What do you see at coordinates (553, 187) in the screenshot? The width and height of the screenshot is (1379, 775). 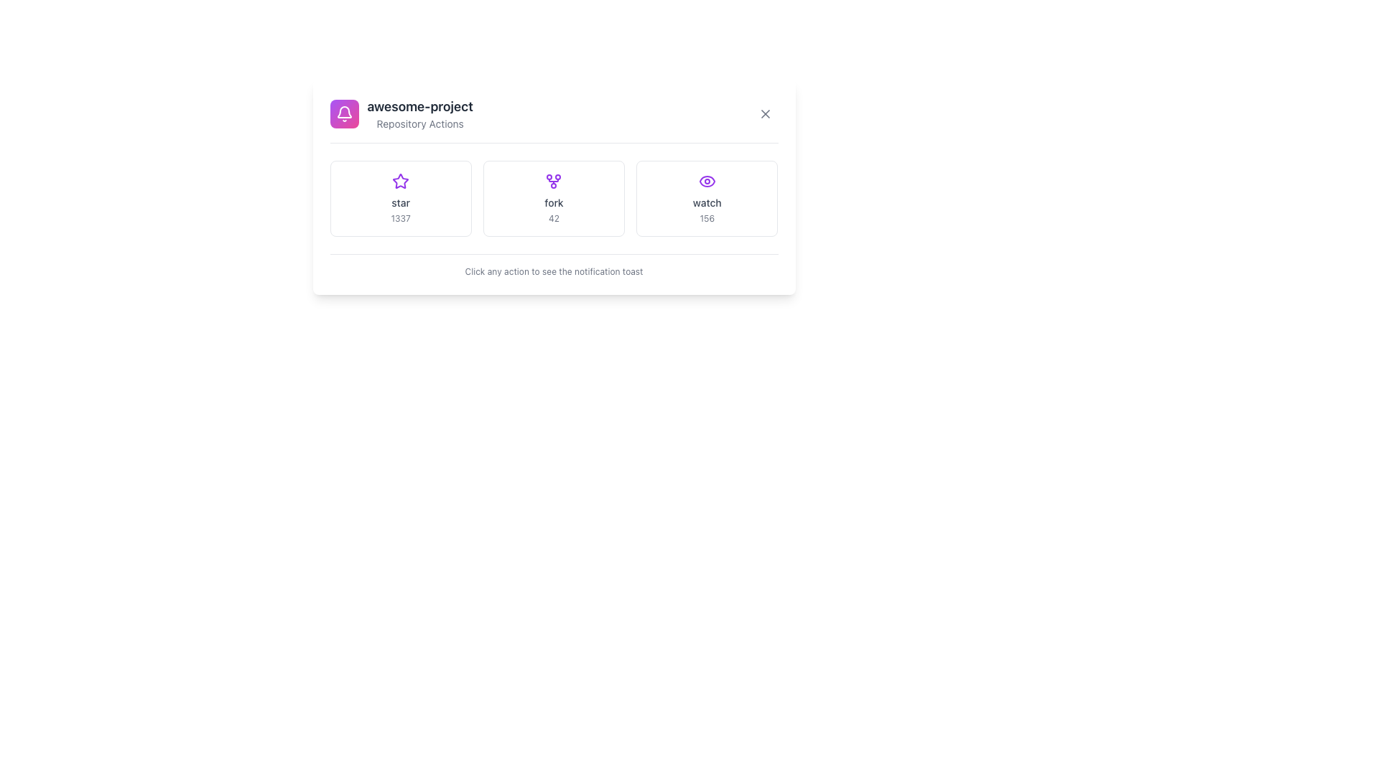 I see `the second item ('fork') in the grid of actionable card items within the dialog box to interact with it` at bounding box center [553, 187].